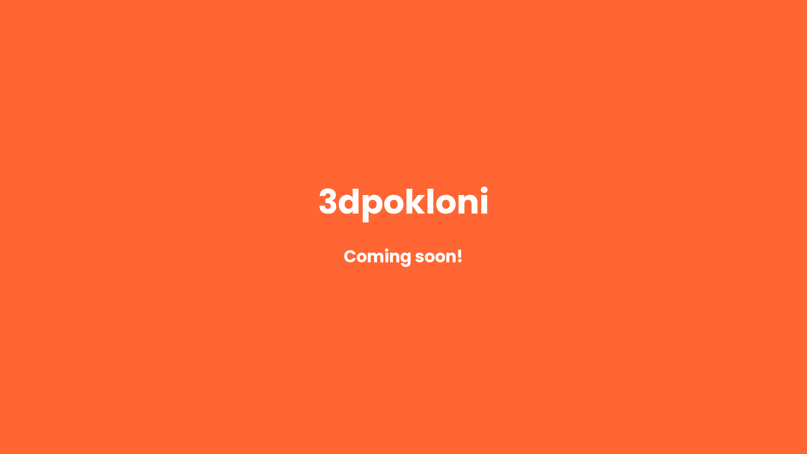 This screenshot has height=454, width=807. What do you see at coordinates (403, 207) in the screenshot?
I see `'3dpokloni'` at bounding box center [403, 207].